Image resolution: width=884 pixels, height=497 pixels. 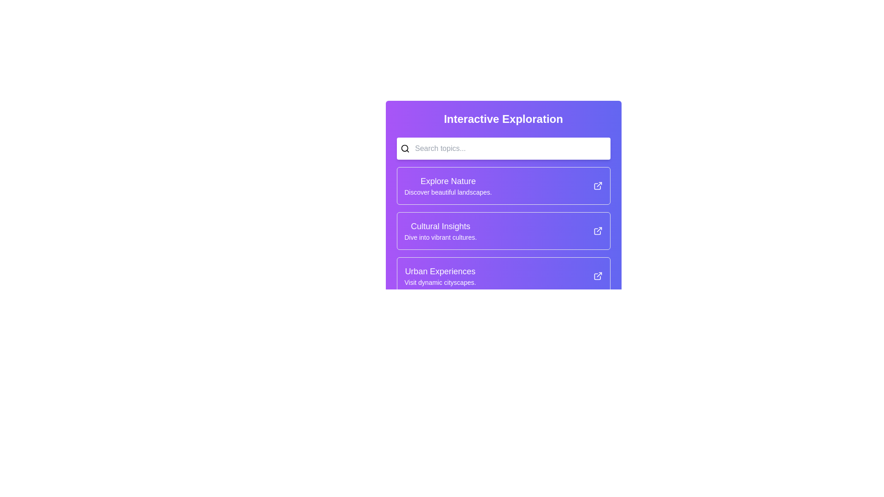 What do you see at coordinates (503, 230) in the screenshot?
I see `the 'Cultural Insights' interactive link component` at bounding box center [503, 230].